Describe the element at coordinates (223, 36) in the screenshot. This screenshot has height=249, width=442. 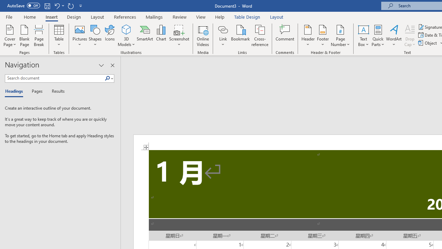
I see `'Link'` at that location.